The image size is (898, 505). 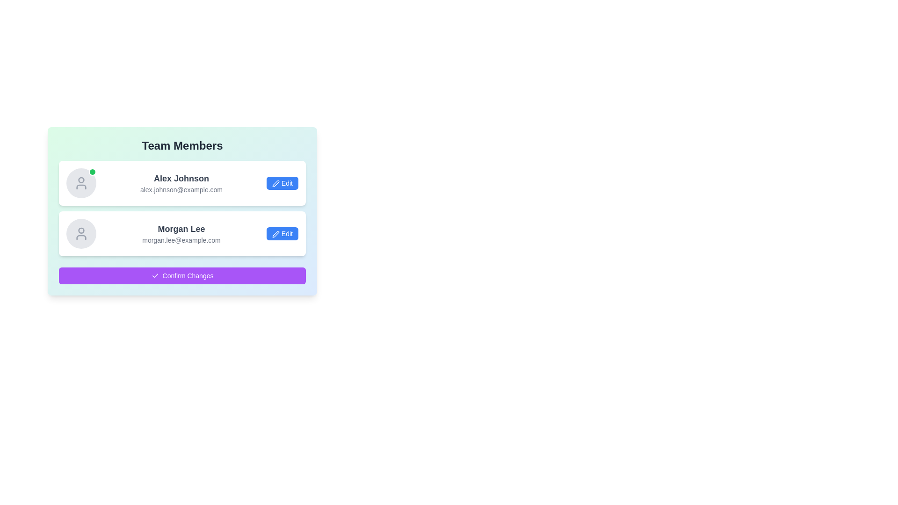 I want to click on the confirmation icon located near the left side of the purple 'Confirm Changes' button at the bottom of the modal, so click(x=155, y=275).